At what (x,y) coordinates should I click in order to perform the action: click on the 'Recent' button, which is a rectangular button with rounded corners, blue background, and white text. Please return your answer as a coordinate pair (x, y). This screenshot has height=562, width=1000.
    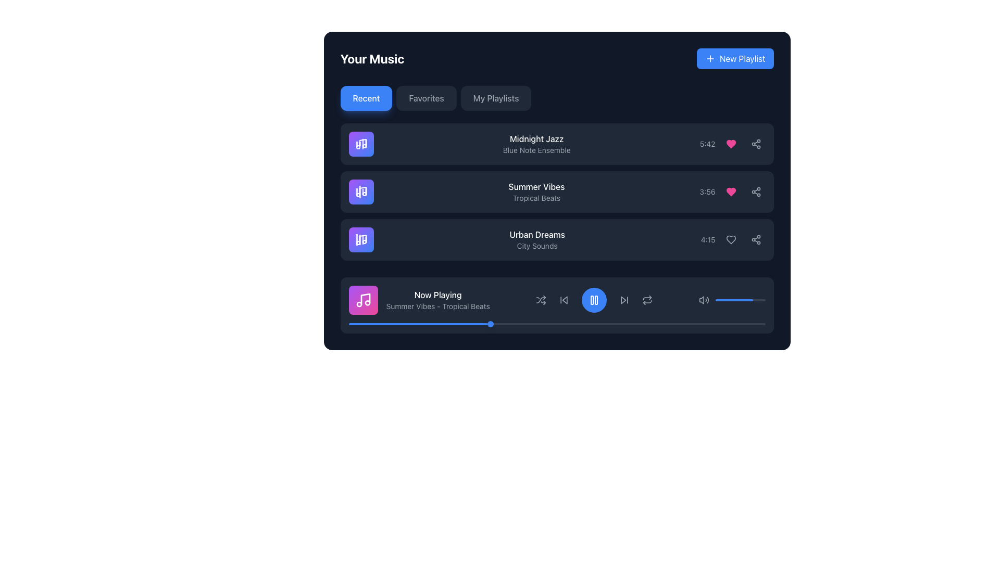
    Looking at the image, I should click on (366, 98).